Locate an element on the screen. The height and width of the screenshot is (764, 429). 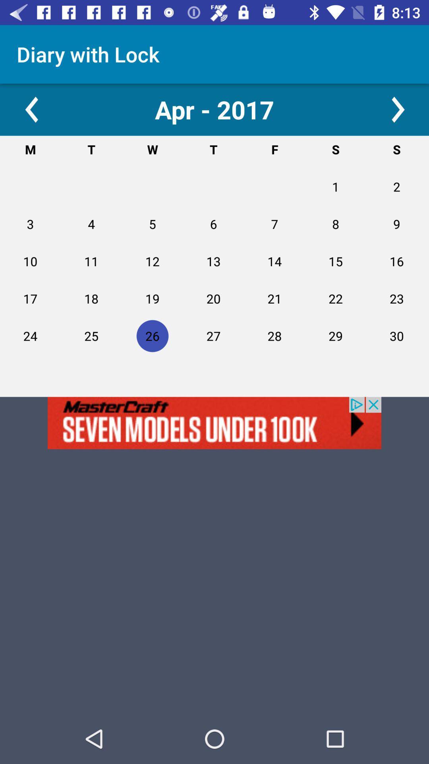
next month is located at coordinates (398, 109).